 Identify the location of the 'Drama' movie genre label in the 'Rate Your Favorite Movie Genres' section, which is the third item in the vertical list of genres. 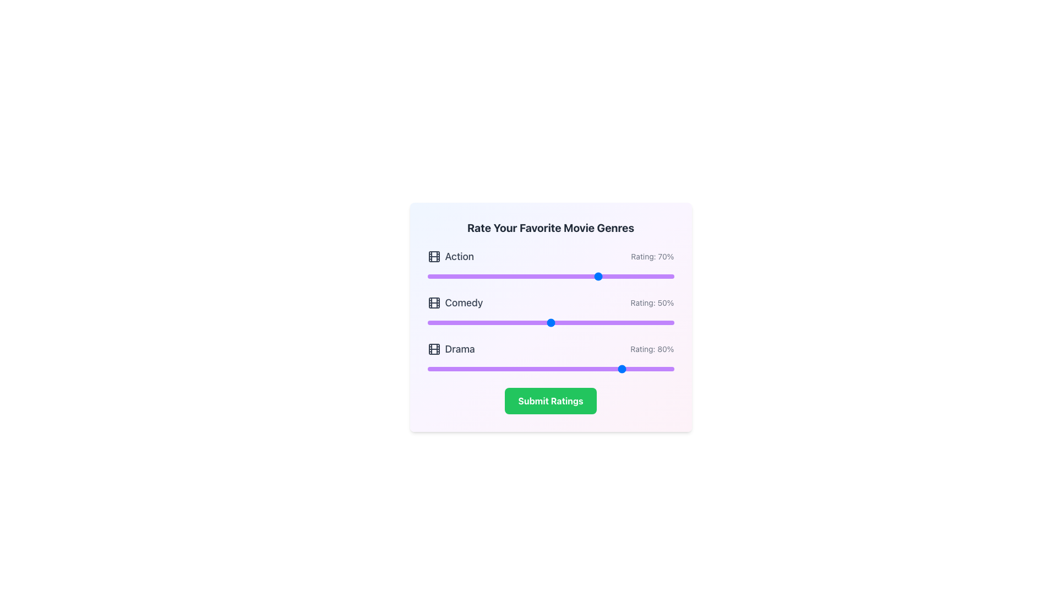
(451, 349).